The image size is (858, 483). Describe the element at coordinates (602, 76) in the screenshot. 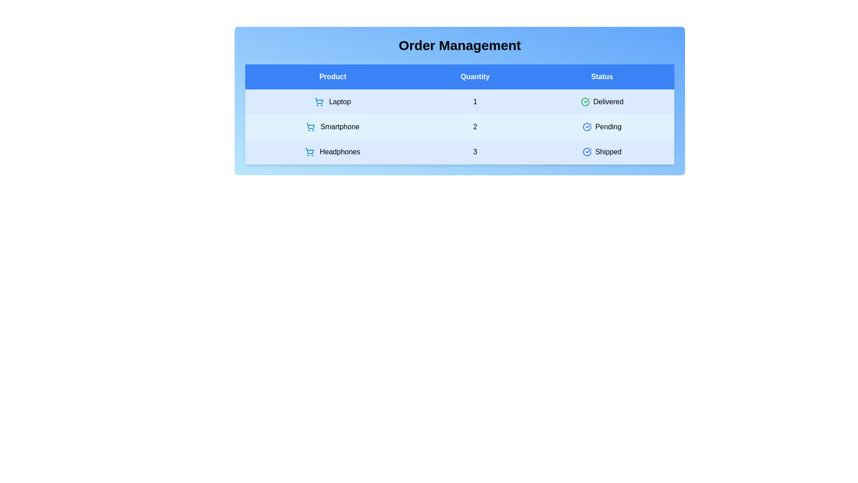

I see `the header title 'Status' to sort the table by that column` at that location.